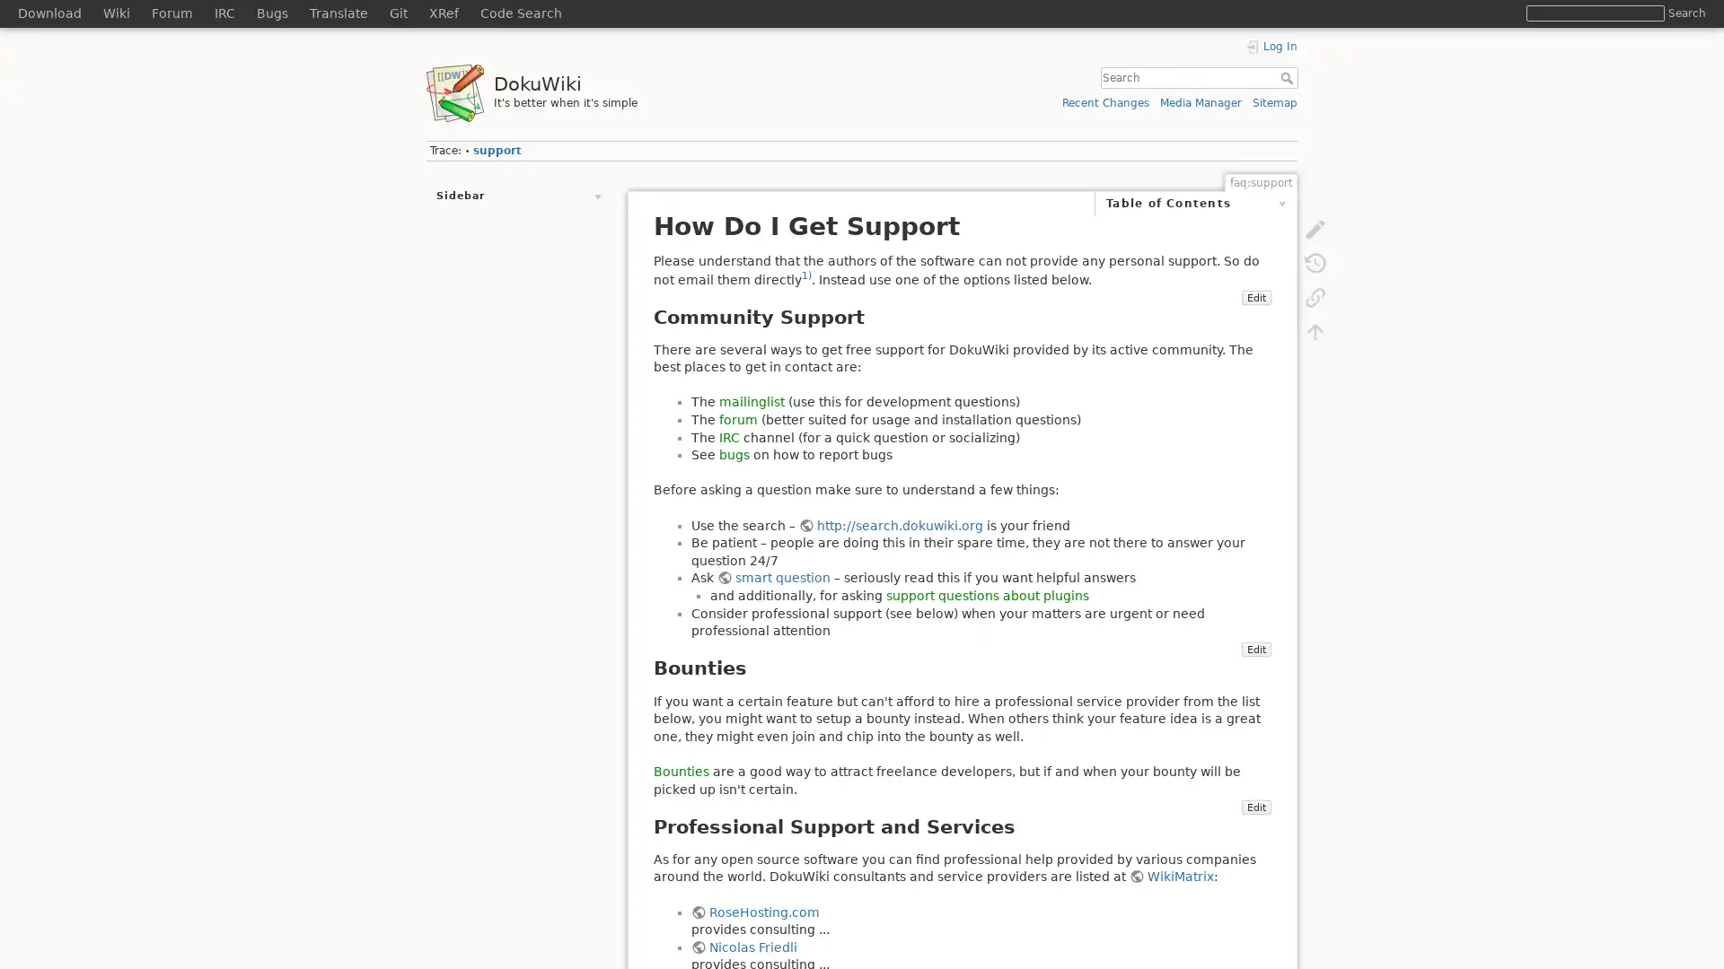 The image size is (1724, 969). I want to click on Edit, so click(1254, 667).